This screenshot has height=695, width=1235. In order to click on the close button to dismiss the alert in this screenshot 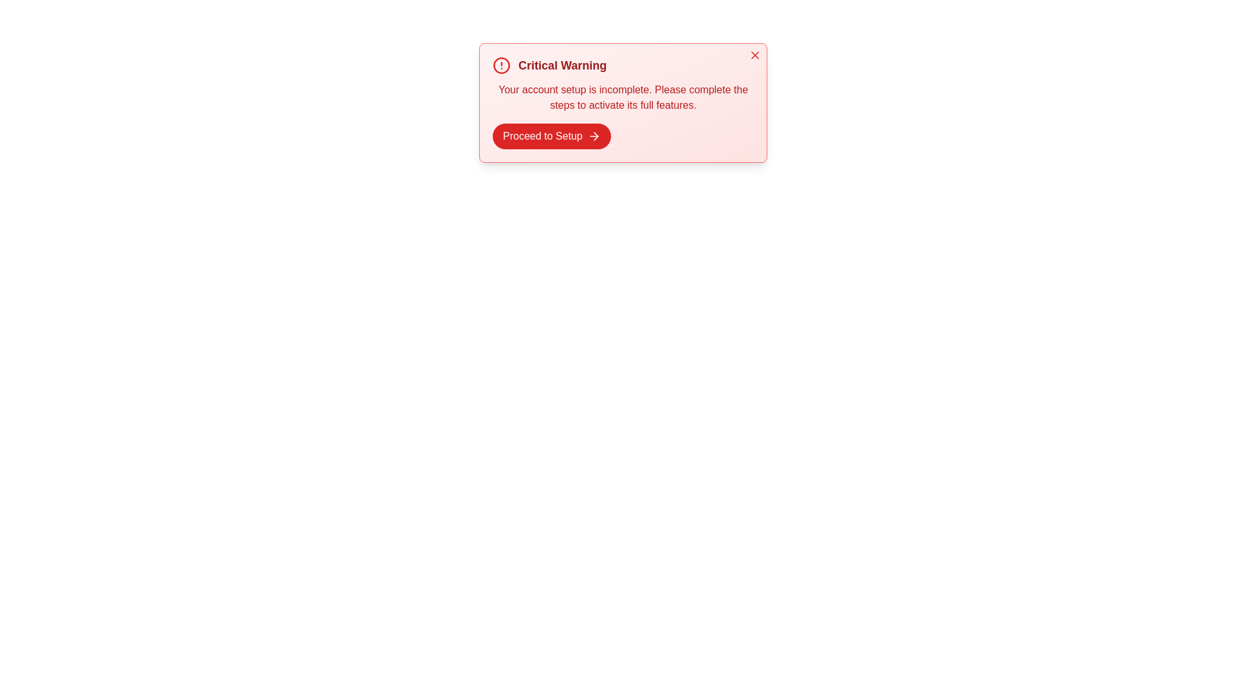, I will do `click(755, 54)`.